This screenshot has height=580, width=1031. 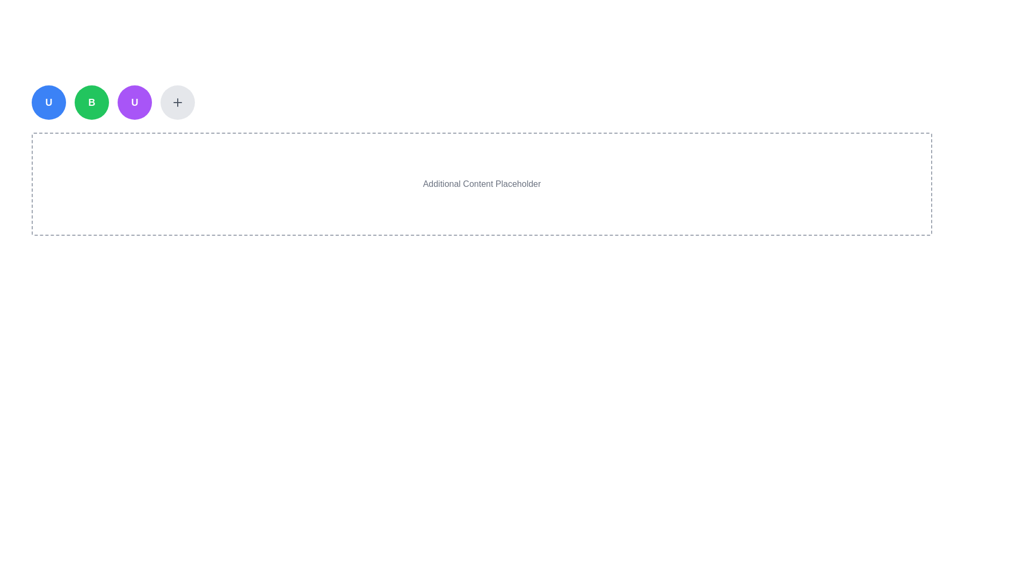 I want to click on the circular button with a light gray background that contains a '+' icon, located on the right side of a row of circular icons adjacent to buttons labeled 'U', 'B', and 'U', so click(x=178, y=103).